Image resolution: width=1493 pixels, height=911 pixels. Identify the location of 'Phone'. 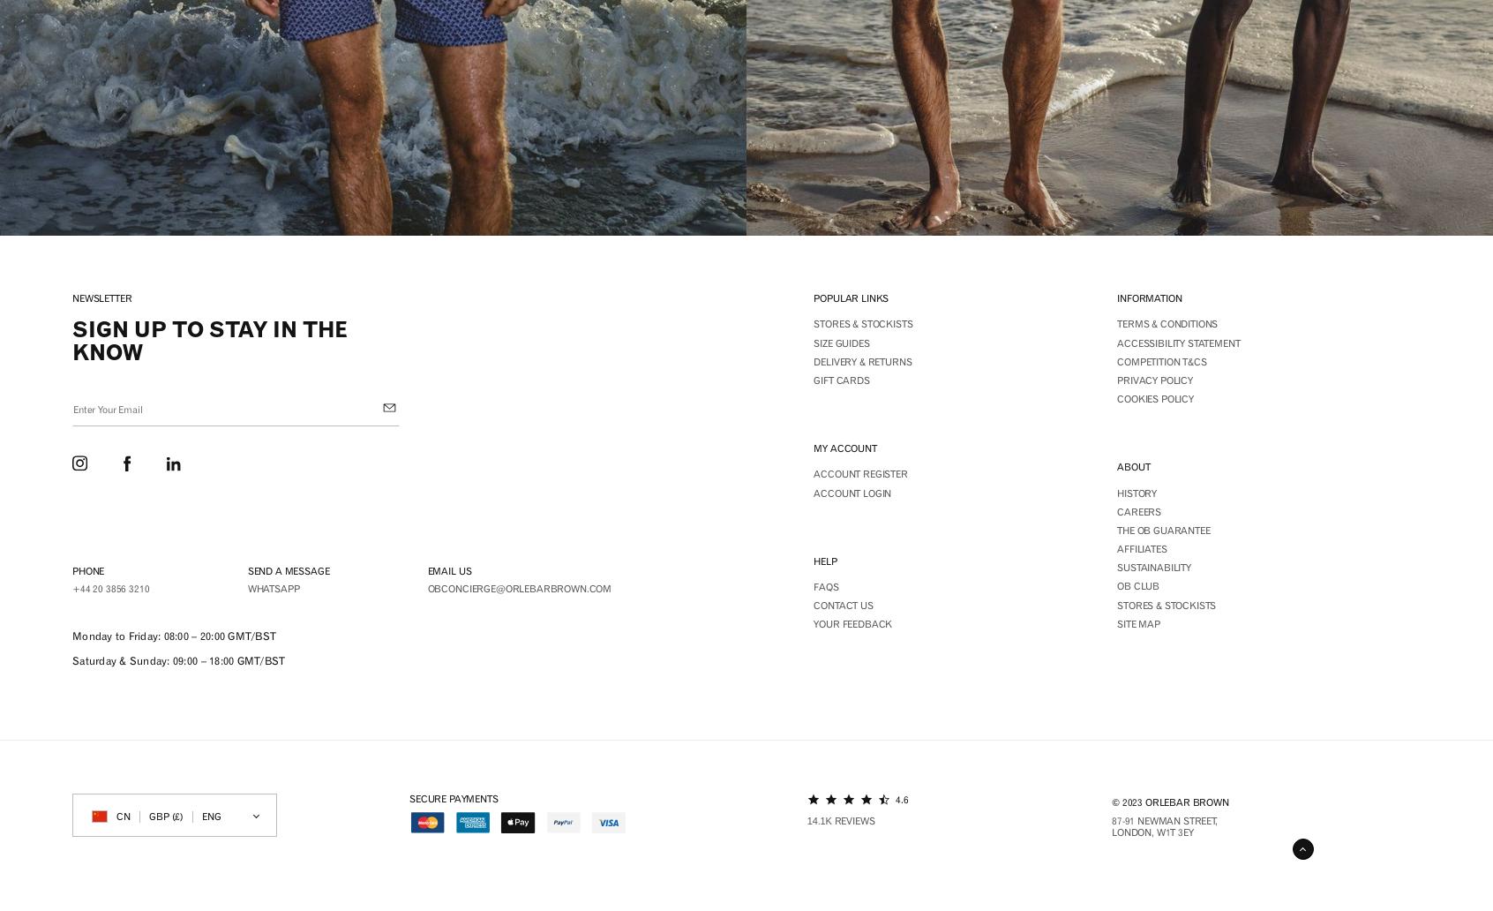
(87, 569).